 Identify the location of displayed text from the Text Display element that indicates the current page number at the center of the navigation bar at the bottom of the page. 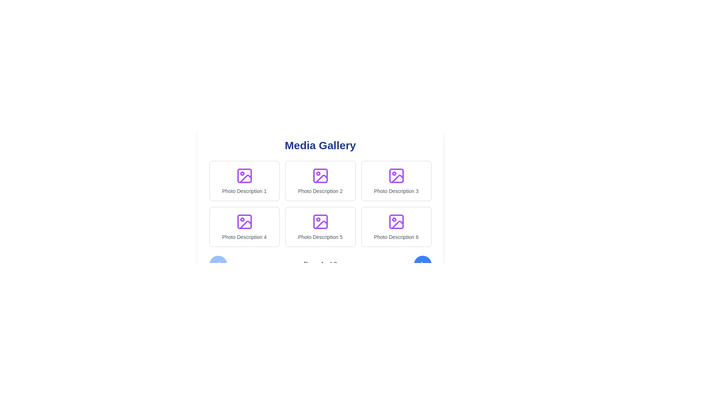
(320, 264).